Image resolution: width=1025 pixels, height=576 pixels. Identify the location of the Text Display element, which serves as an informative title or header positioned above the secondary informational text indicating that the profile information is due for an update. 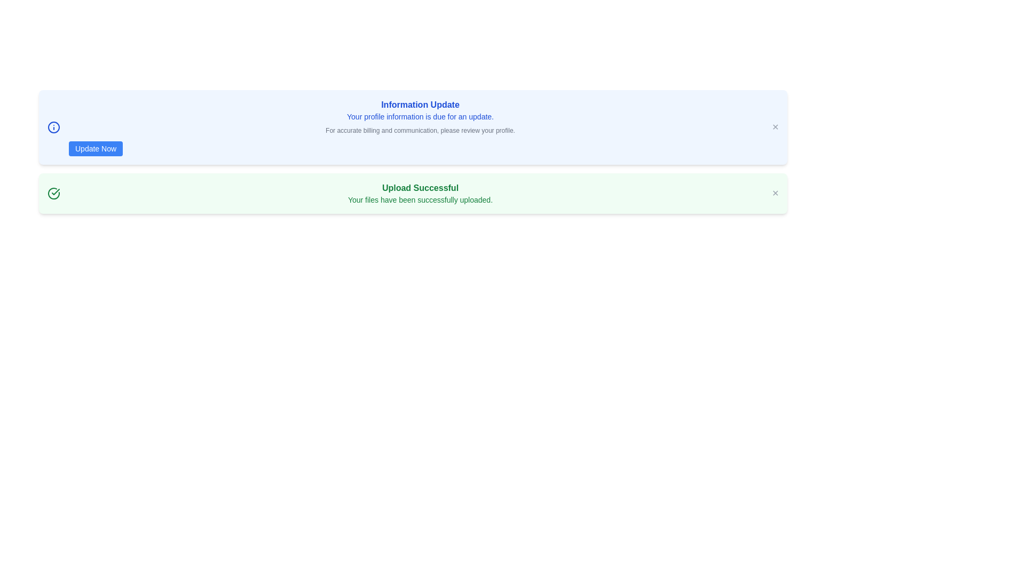
(420, 105).